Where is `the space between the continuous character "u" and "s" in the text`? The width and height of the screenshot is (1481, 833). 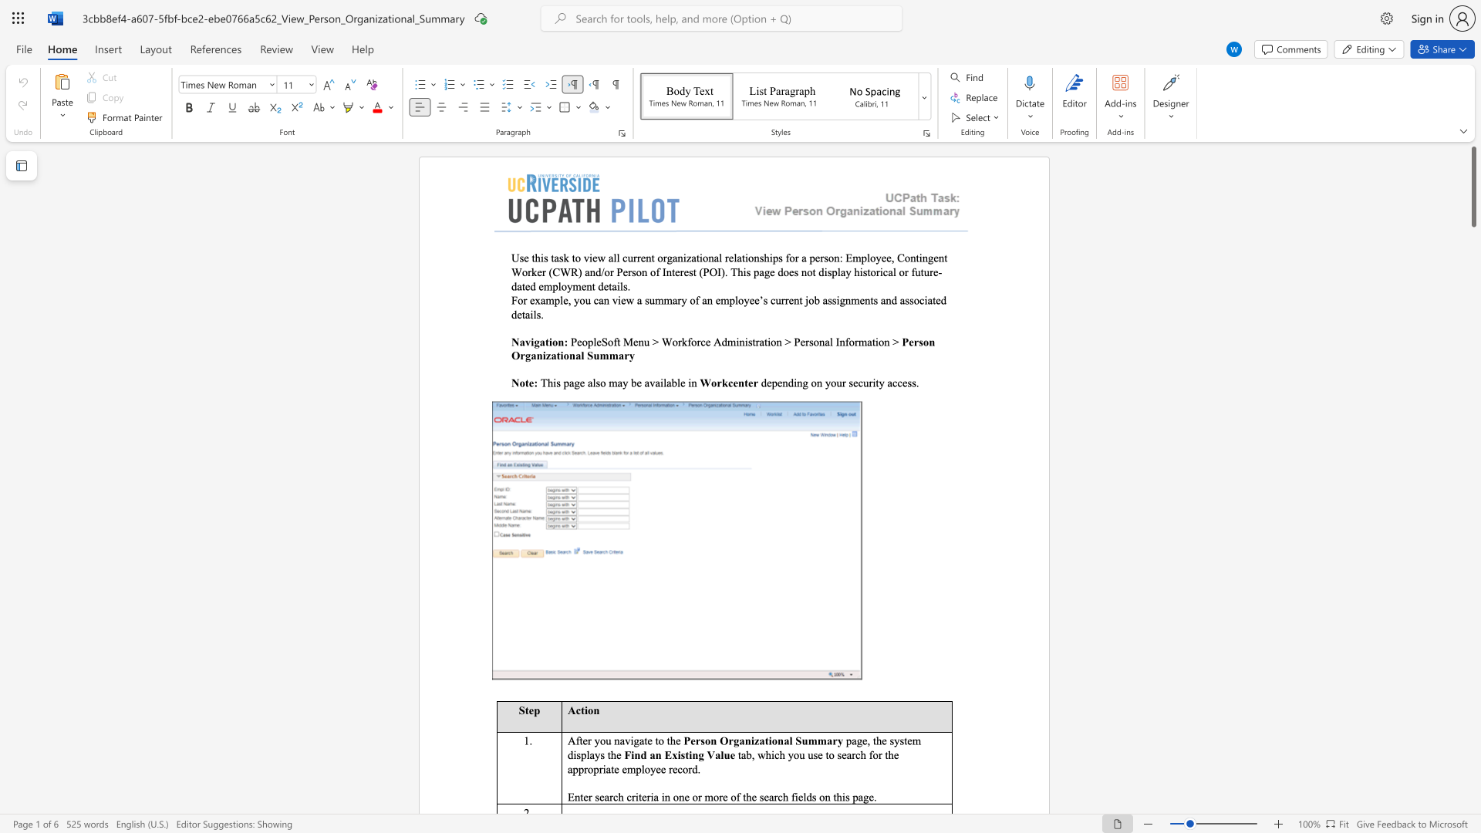 the space between the continuous character "u" and "s" in the text is located at coordinates (812, 754).